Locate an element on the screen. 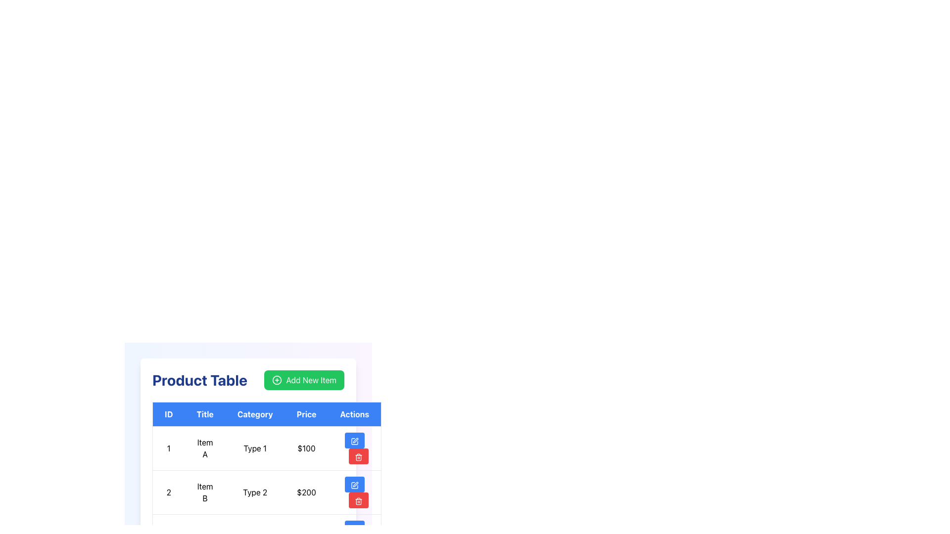 The width and height of the screenshot is (950, 534). the 'Delete' button located in the second row of the 'Actions' column in the table is located at coordinates (358, 500).